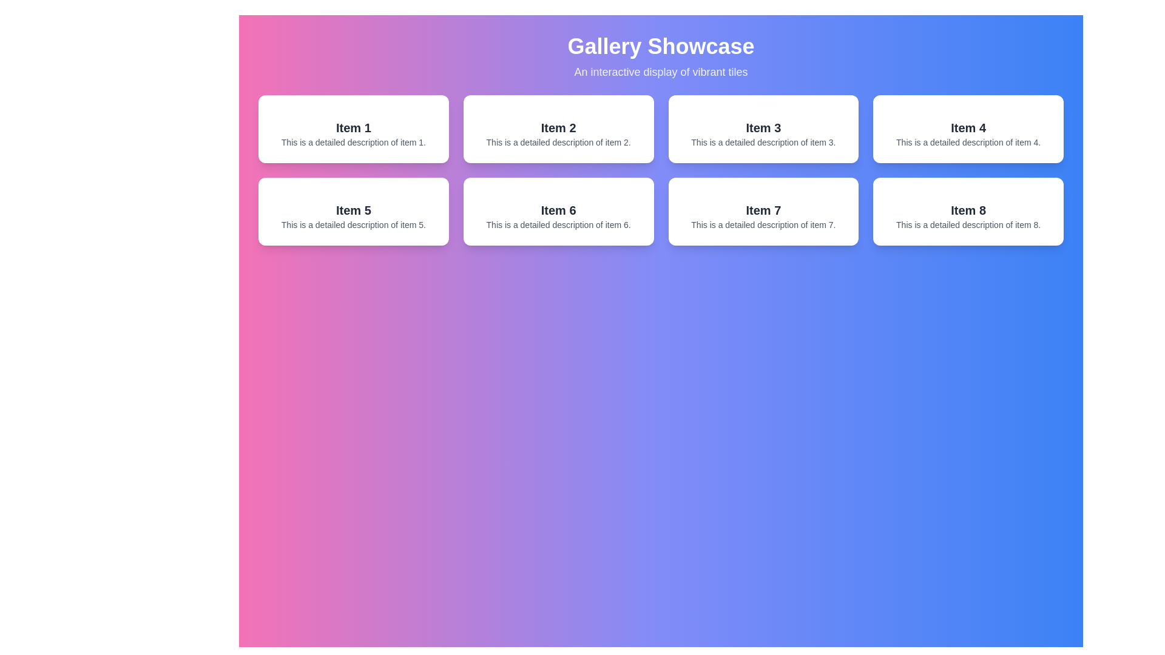 The image size is (1165, 655). Describe the element at coordinates (763, 224) in the screenshot. I see `the descriptive text element located under the title 'Item 7' in the card corresponding to 'Item 7' in the gallery interface` at that location.